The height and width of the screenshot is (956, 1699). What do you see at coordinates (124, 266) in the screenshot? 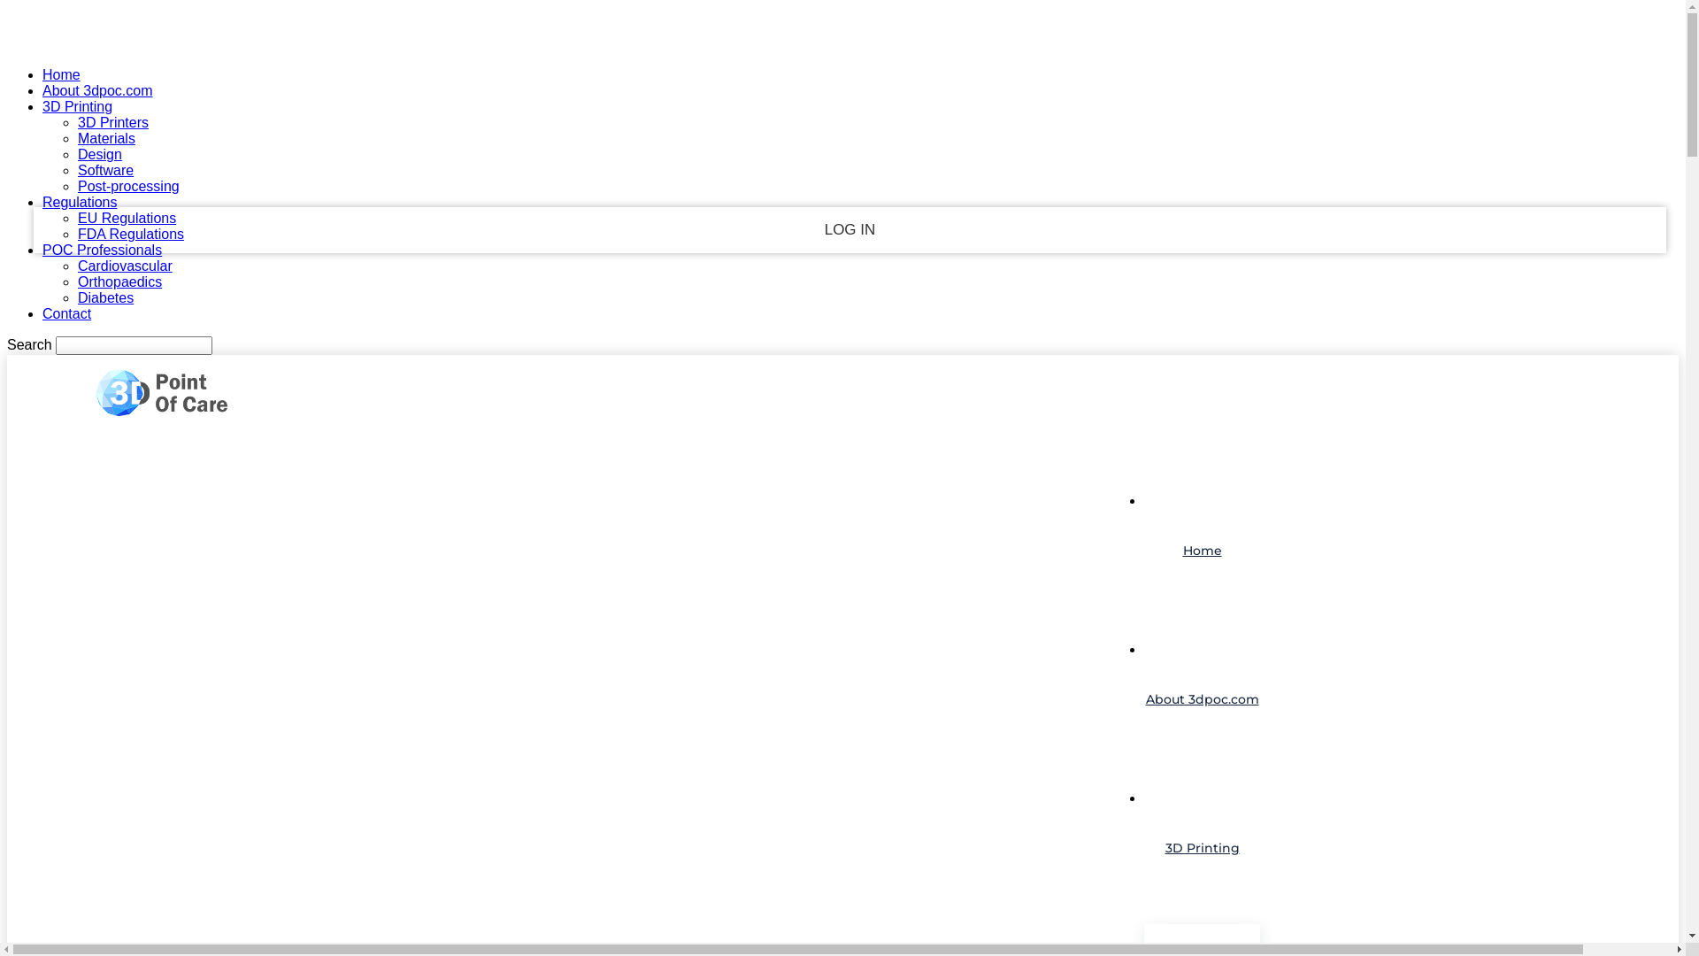
I see `'Cardiovascular'` at bounding box center [124, 266].